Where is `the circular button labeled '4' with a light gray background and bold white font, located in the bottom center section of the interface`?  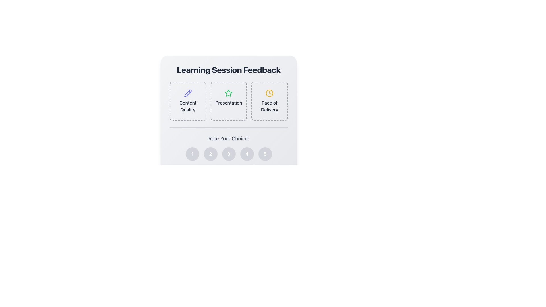
the circular button labeled '4' with a light gray background and bold white font, located in the bottom center section of the interface is located at coordinates (247, 154).